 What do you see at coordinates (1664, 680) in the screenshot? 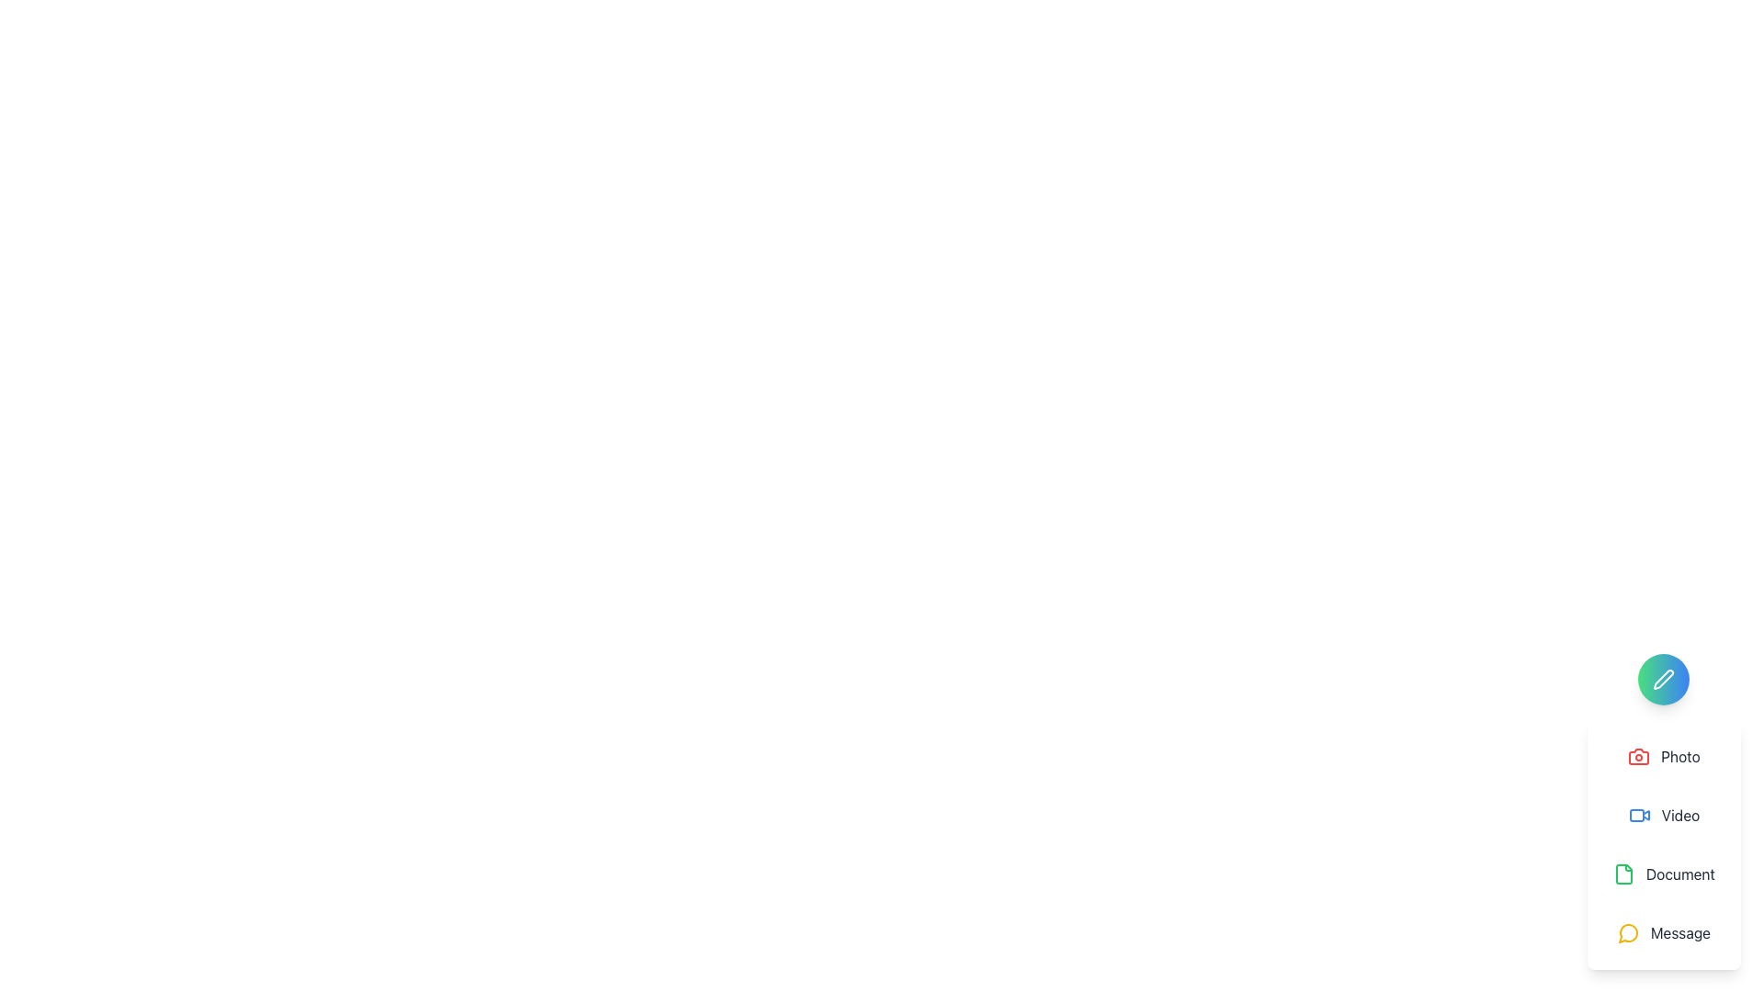
I see `the topmost button with a pen icon located at the bottom-right corner of the interface` at bounding box center [1664, 680].